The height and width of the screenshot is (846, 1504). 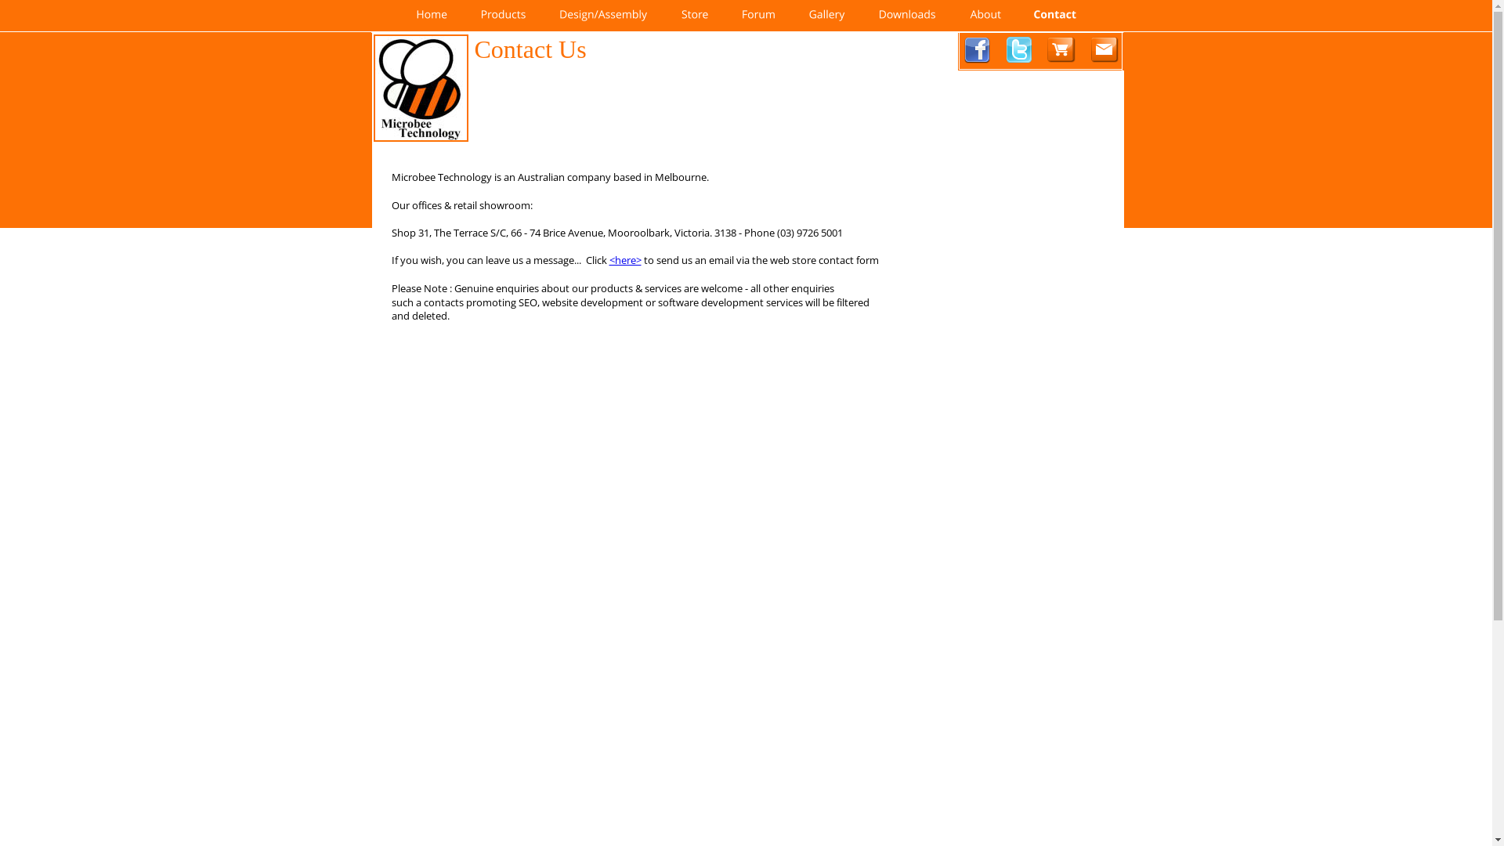 I want to click on '<here>', so click(x=624, y=258).